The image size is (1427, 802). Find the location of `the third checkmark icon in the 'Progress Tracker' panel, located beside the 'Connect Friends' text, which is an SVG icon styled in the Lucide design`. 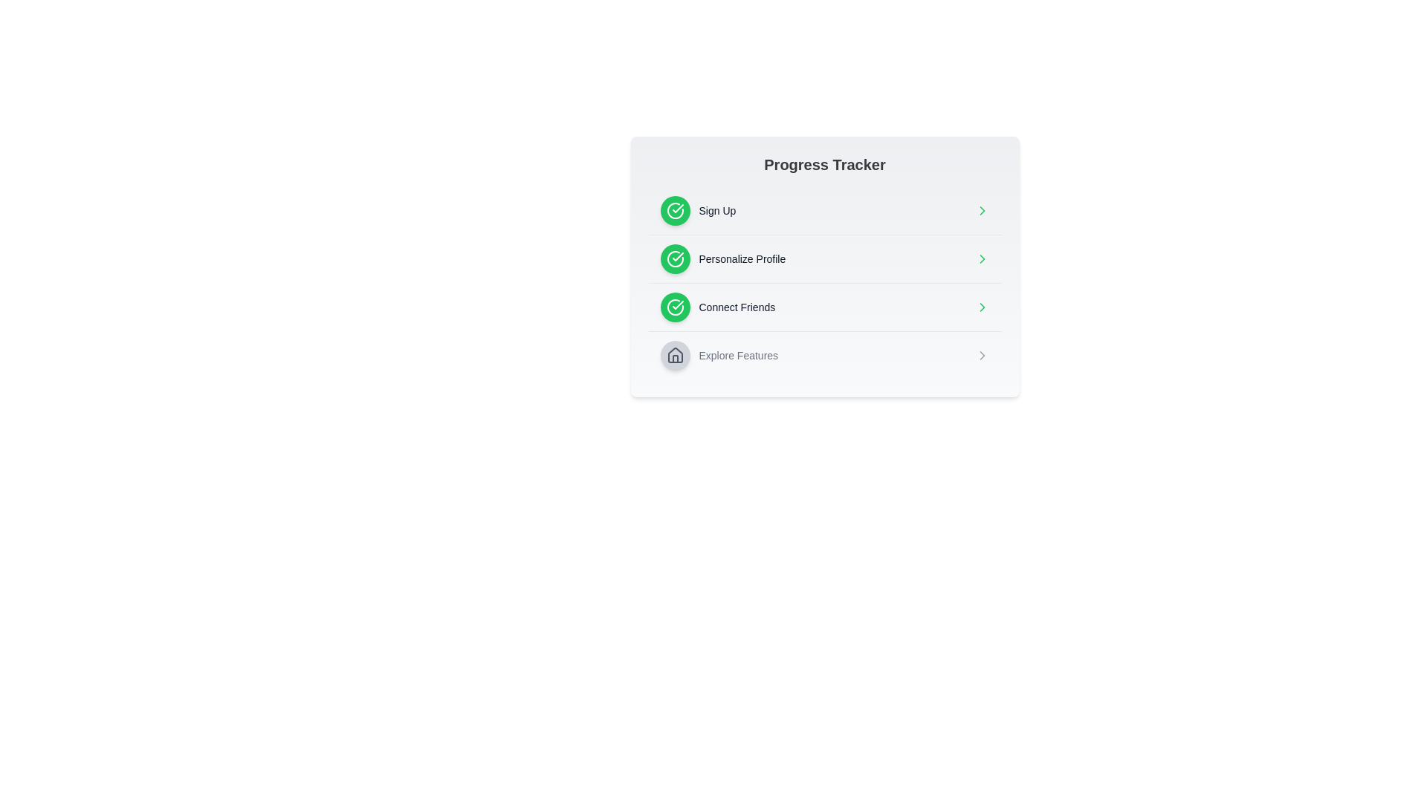

the third checkmark icon in the 'Progress Tracker' panel, located beside the 'Connect Friends' text, which is an SVG icon styled in the Lucide design is located at coordinates (674, 306).